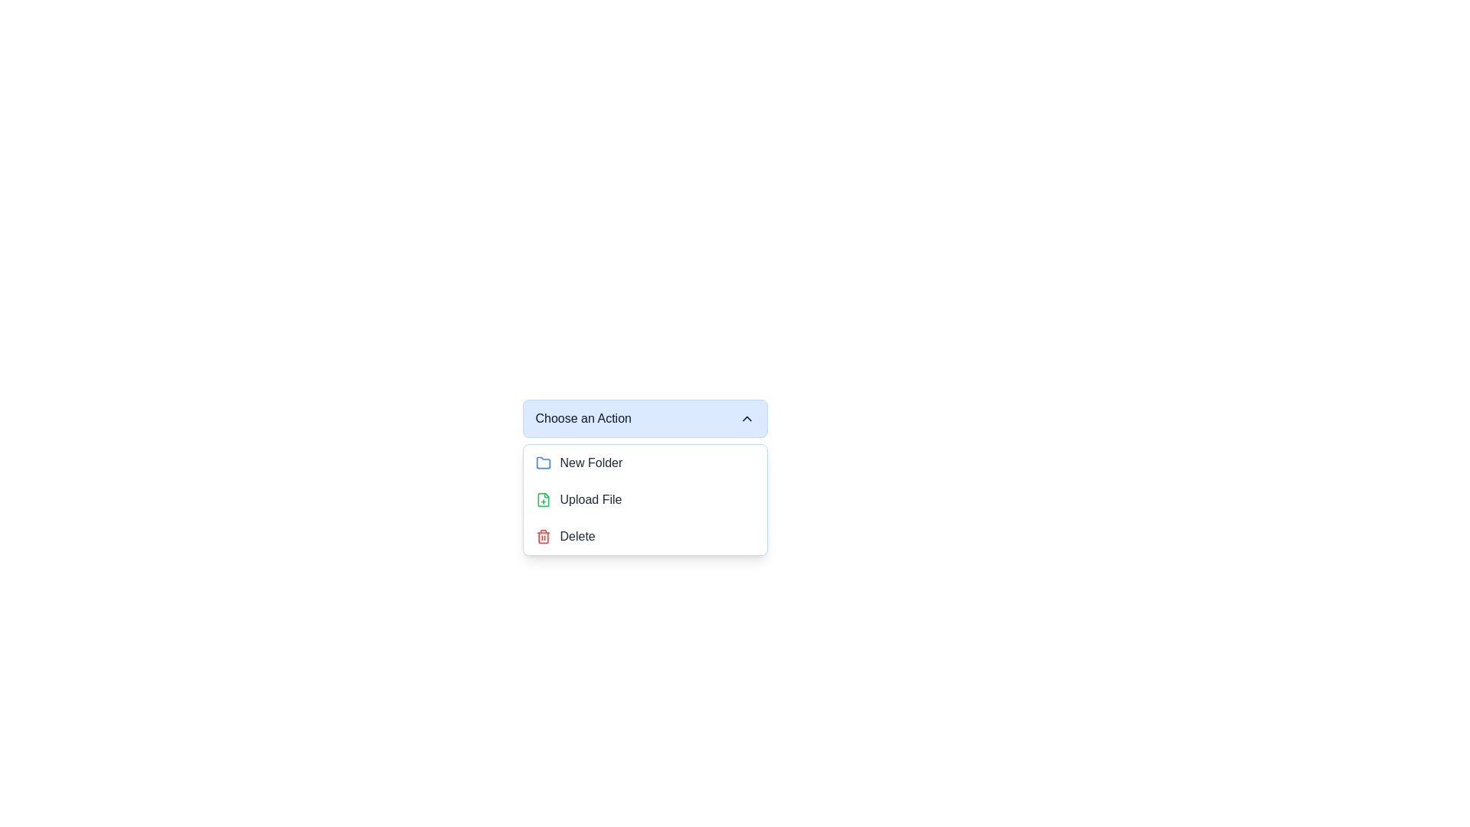 Image resolution: width=1470 pixels, height=827 pixels. What do you see at coordinates (543, 536) in the screenshot?
I see `the red trash can icon, which indicates the 'Delete' action, located at the bottom of a dropdown menu of actions` at bounding box center [543, 536].